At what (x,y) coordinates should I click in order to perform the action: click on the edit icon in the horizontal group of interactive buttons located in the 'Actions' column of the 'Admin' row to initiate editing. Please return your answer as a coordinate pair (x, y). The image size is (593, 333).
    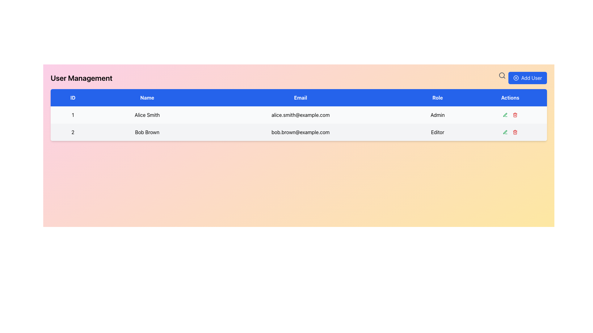
    Looking at the image, I should click on (510, 115).